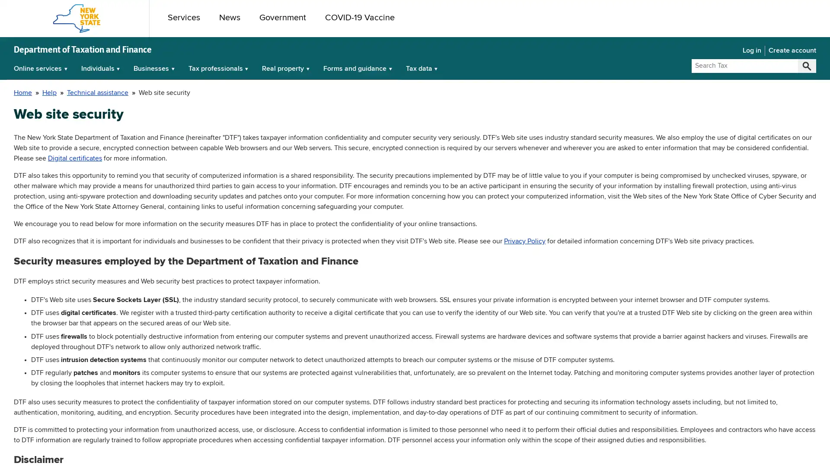 This screenshot has width=830, height=466. Describe the element at coordinates (806, 66) in the screenshot. I see `Search Tax` at that location.